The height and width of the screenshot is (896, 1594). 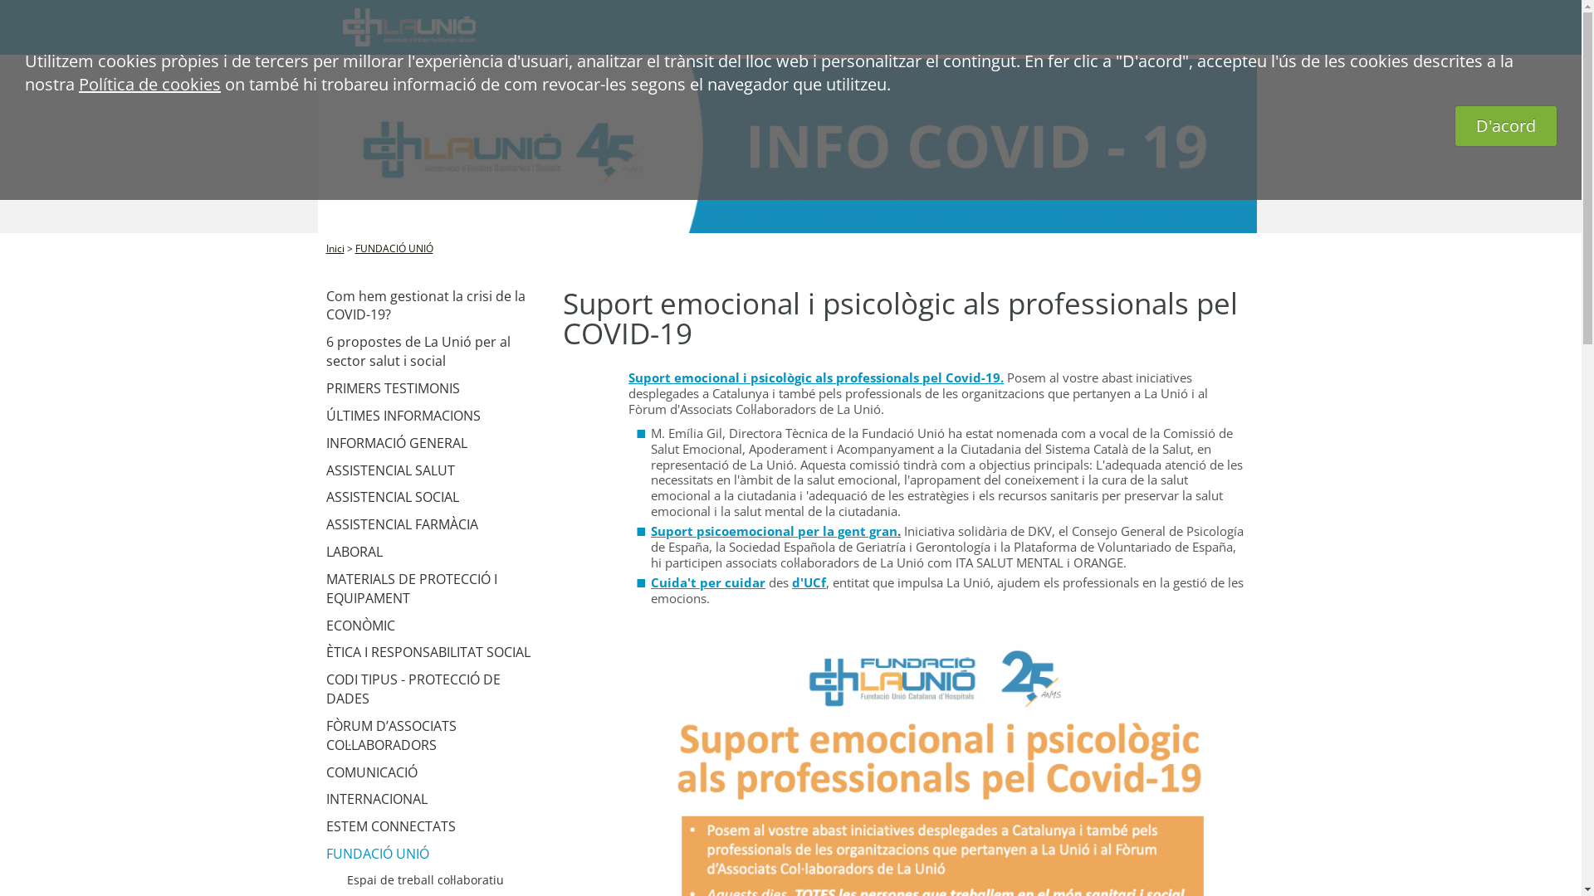 What do you see at coordinates (1454, 124) in the screenshot?
I see `'D'acord'` at bounding box center [1454, 124].